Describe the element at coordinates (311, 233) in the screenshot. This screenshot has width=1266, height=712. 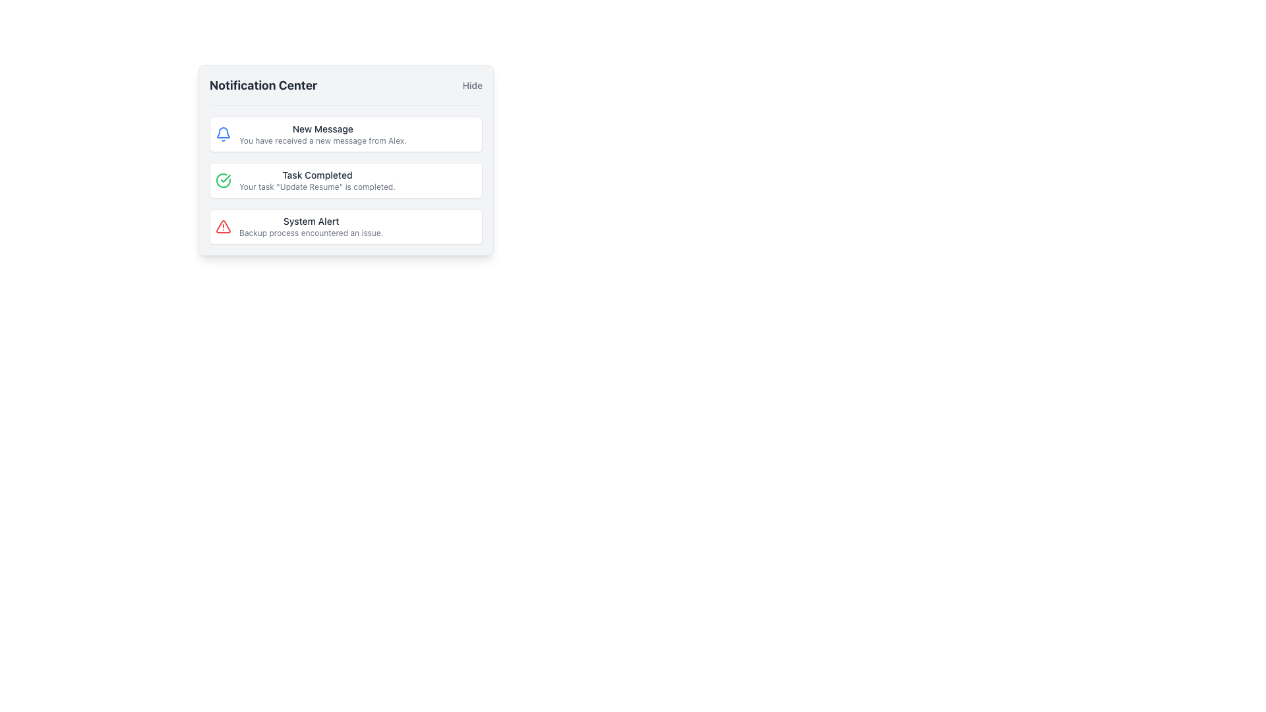
I see `the text element that displays a message detailing an issue encountered during a backup process, located at the bottom of the 'System Alert' notification block` at that location.